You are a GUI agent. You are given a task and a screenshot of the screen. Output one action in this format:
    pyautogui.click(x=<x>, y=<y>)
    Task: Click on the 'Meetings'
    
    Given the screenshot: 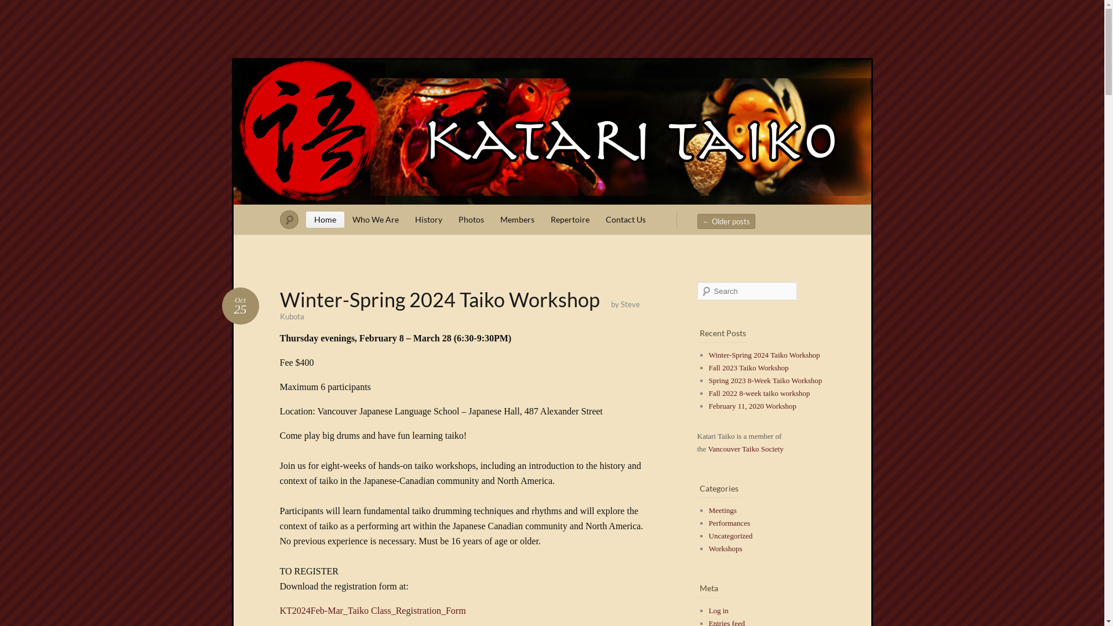 What is the action you would take?
    pyautogui.click(x=722, y=509)
    